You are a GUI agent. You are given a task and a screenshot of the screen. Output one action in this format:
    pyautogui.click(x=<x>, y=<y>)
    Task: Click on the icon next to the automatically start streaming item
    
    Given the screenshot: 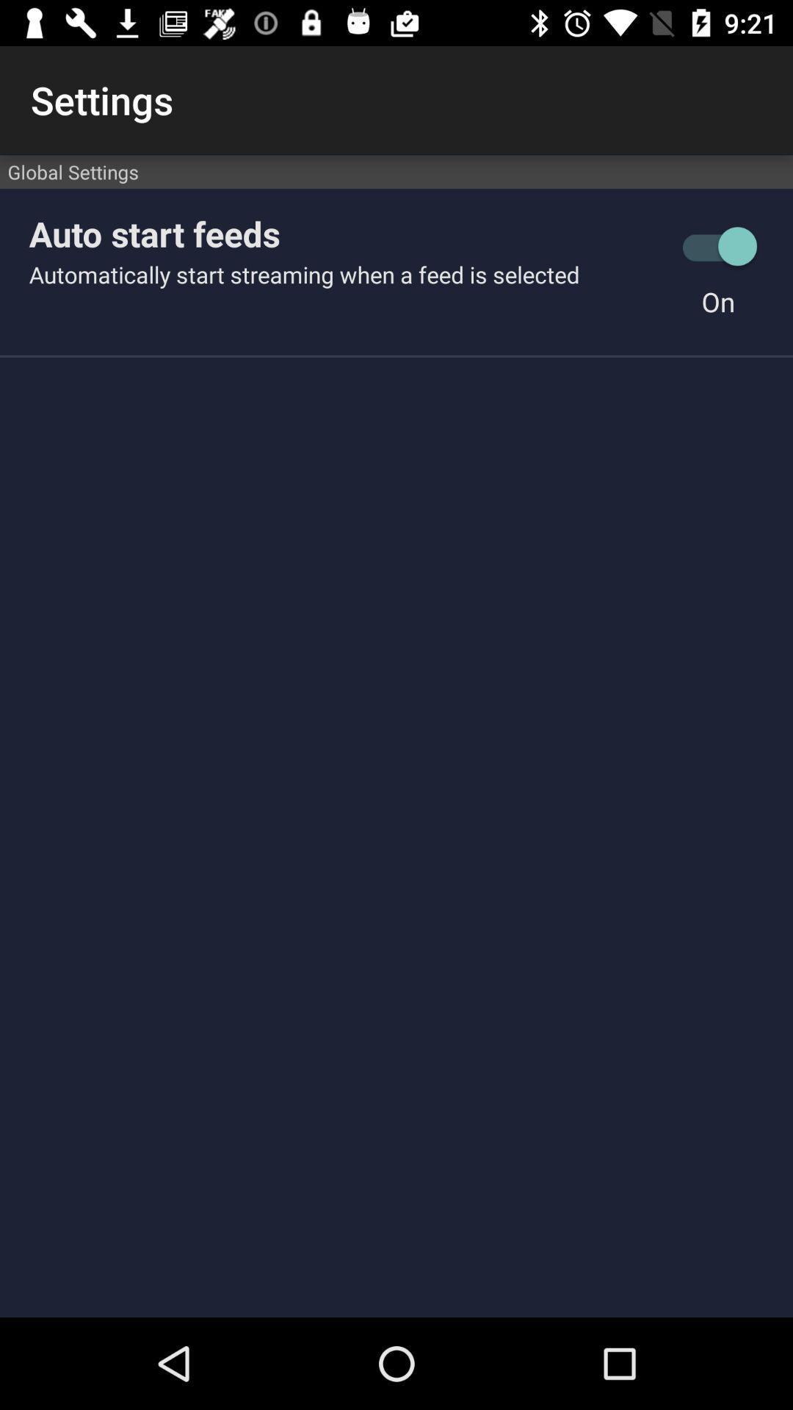 What is the action you would take?
    pyautogui.click(x=717, y=301)
    